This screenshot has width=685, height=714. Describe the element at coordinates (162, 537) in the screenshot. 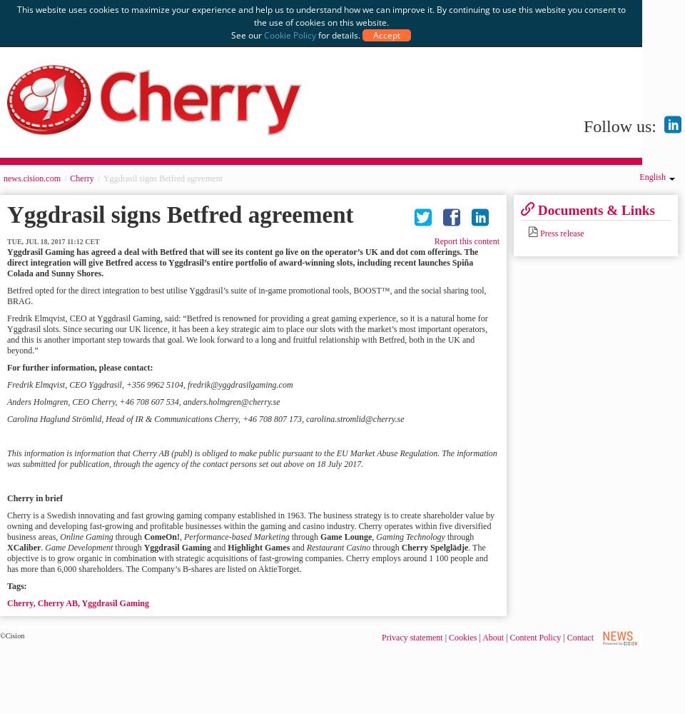

I see `'ComeOn!'` at that location.